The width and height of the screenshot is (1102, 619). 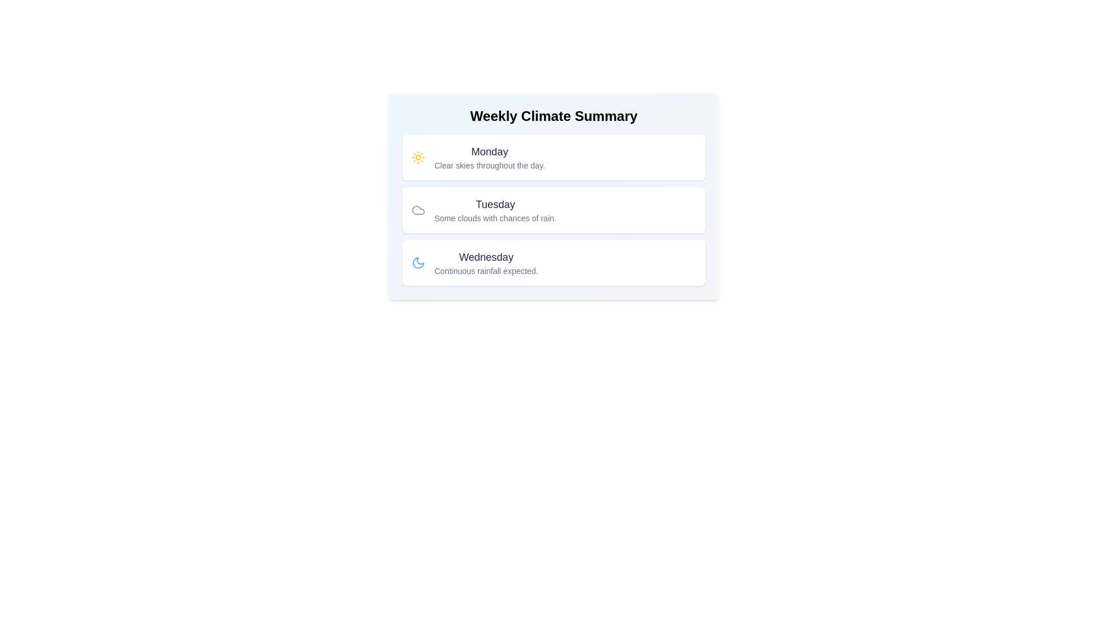 What do you see at coordinates (553, 263) in the screenshot?
I see `the record for Wednesday` at bounding box center [553, 263].